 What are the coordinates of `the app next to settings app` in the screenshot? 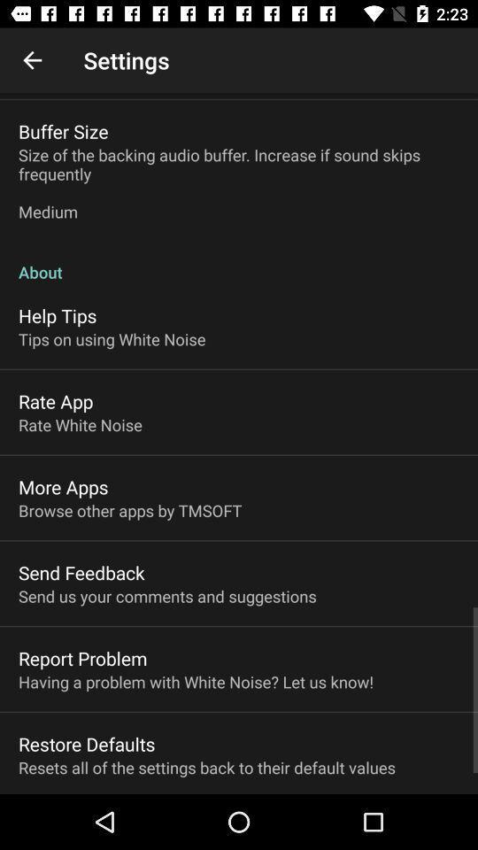 It's located at (32, 60).